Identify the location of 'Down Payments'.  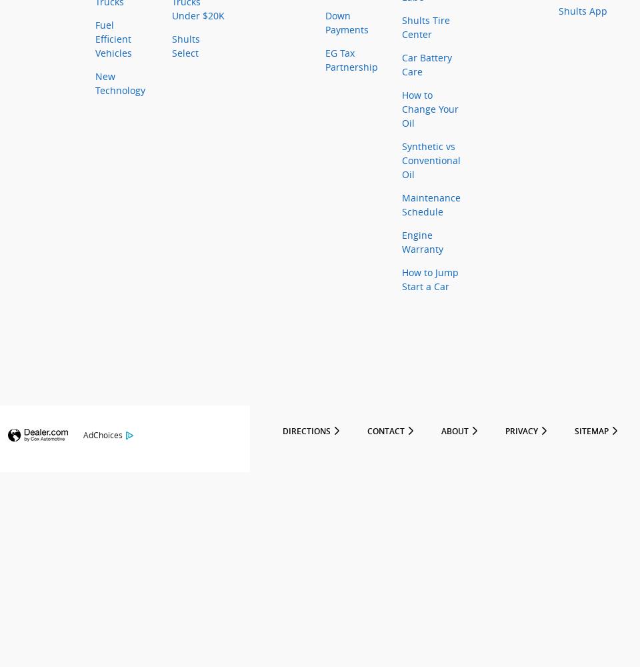
(346, 23).